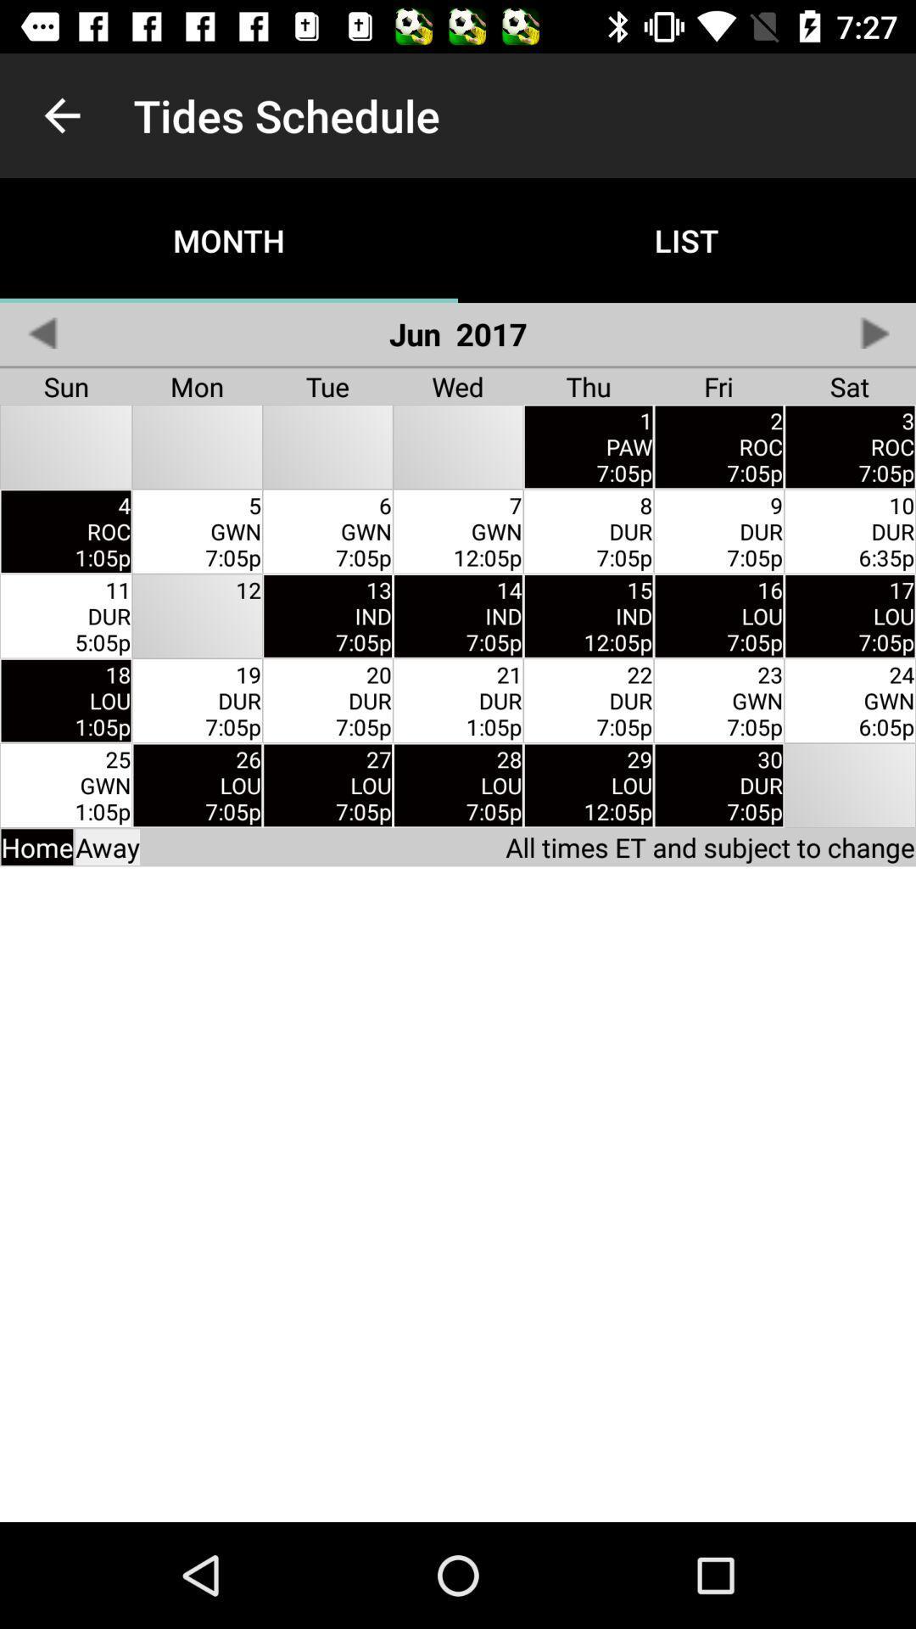 The image size is (916, 1629). I want to click on previous page, so click(41, 333).